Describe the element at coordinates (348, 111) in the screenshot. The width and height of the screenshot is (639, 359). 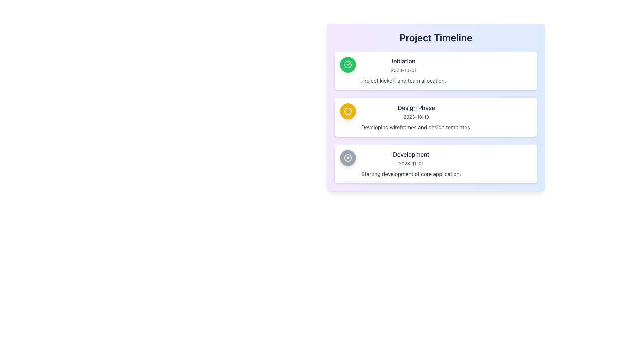
I see `the visual indicator icon that signifies the 'Design Phase' step in the project timeline, located at the left edge of the card labeled 'Design Phase'` at that location.